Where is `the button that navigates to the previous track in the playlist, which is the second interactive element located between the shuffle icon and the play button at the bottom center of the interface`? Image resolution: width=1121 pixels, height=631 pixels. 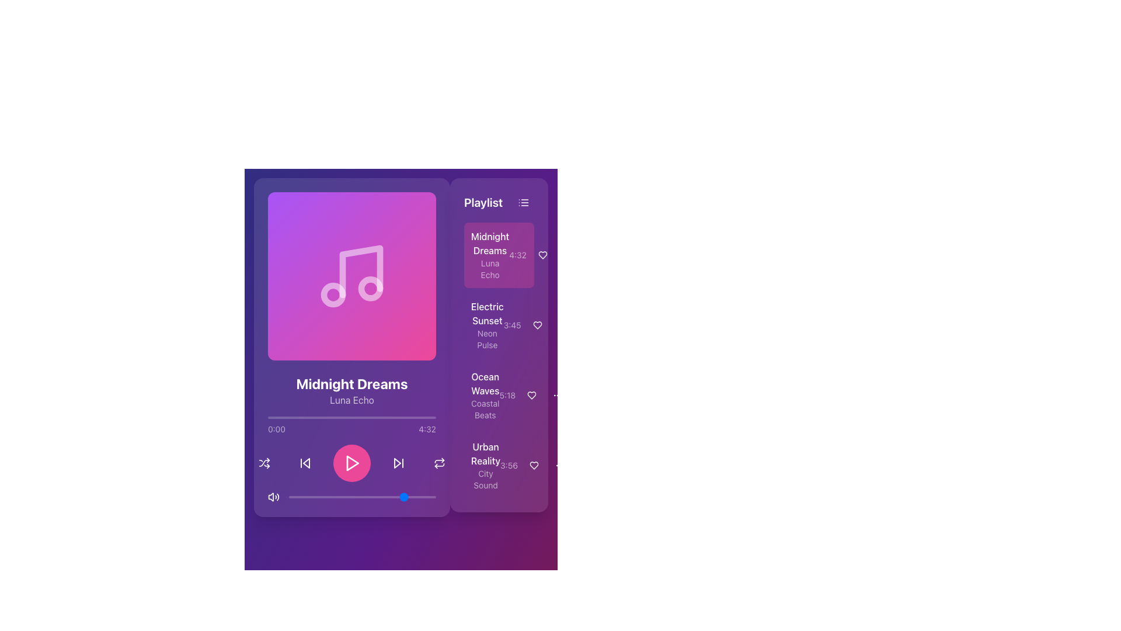
the button that navigates to the previous track in the playlist, which is the second interactive element located between the shuffle icon and the play button at the bottom center of the interface is located at coordinates (305, 463).